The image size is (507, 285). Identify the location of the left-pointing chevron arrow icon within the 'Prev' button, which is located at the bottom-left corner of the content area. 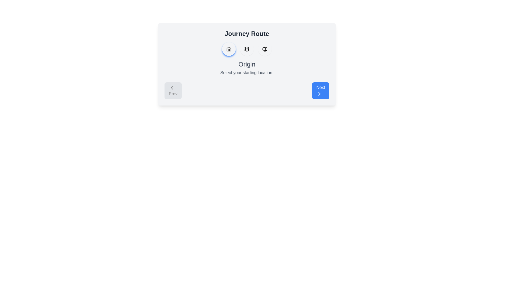
(172, 87).